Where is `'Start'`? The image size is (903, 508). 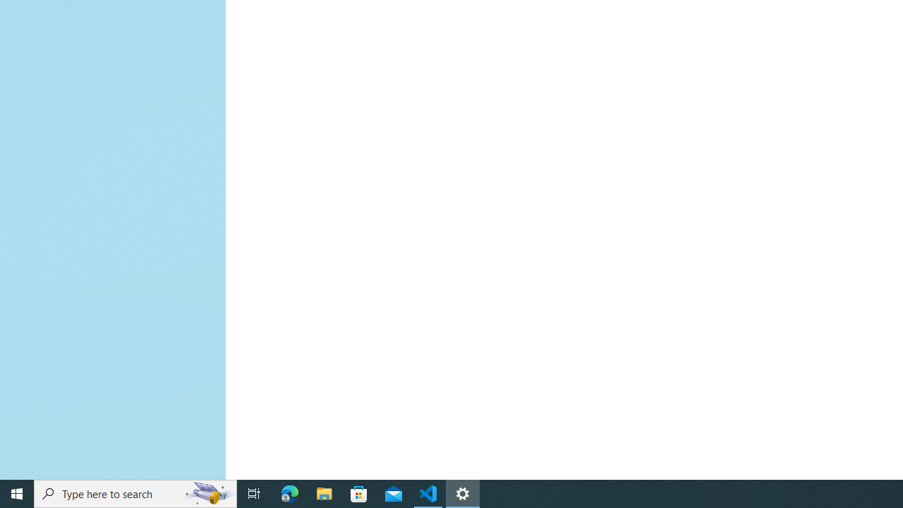 'Start' is located at coordinates (17, 492).